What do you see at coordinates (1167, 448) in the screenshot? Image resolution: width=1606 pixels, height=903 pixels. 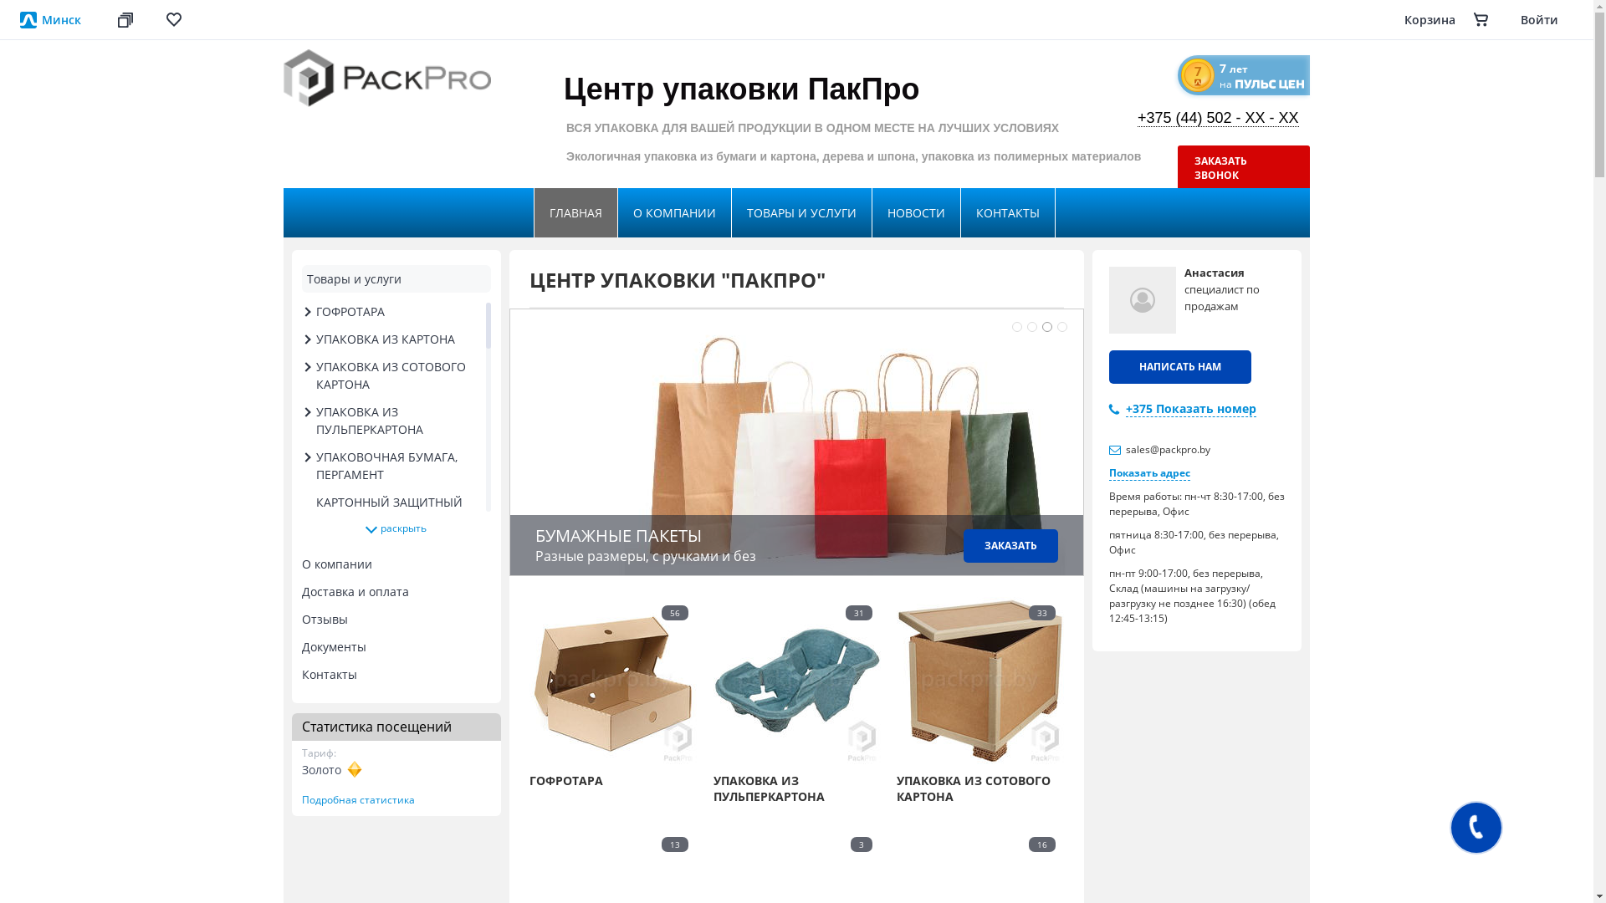 I see `'sales@packpro.by'` at bounding box center [1167, 448].